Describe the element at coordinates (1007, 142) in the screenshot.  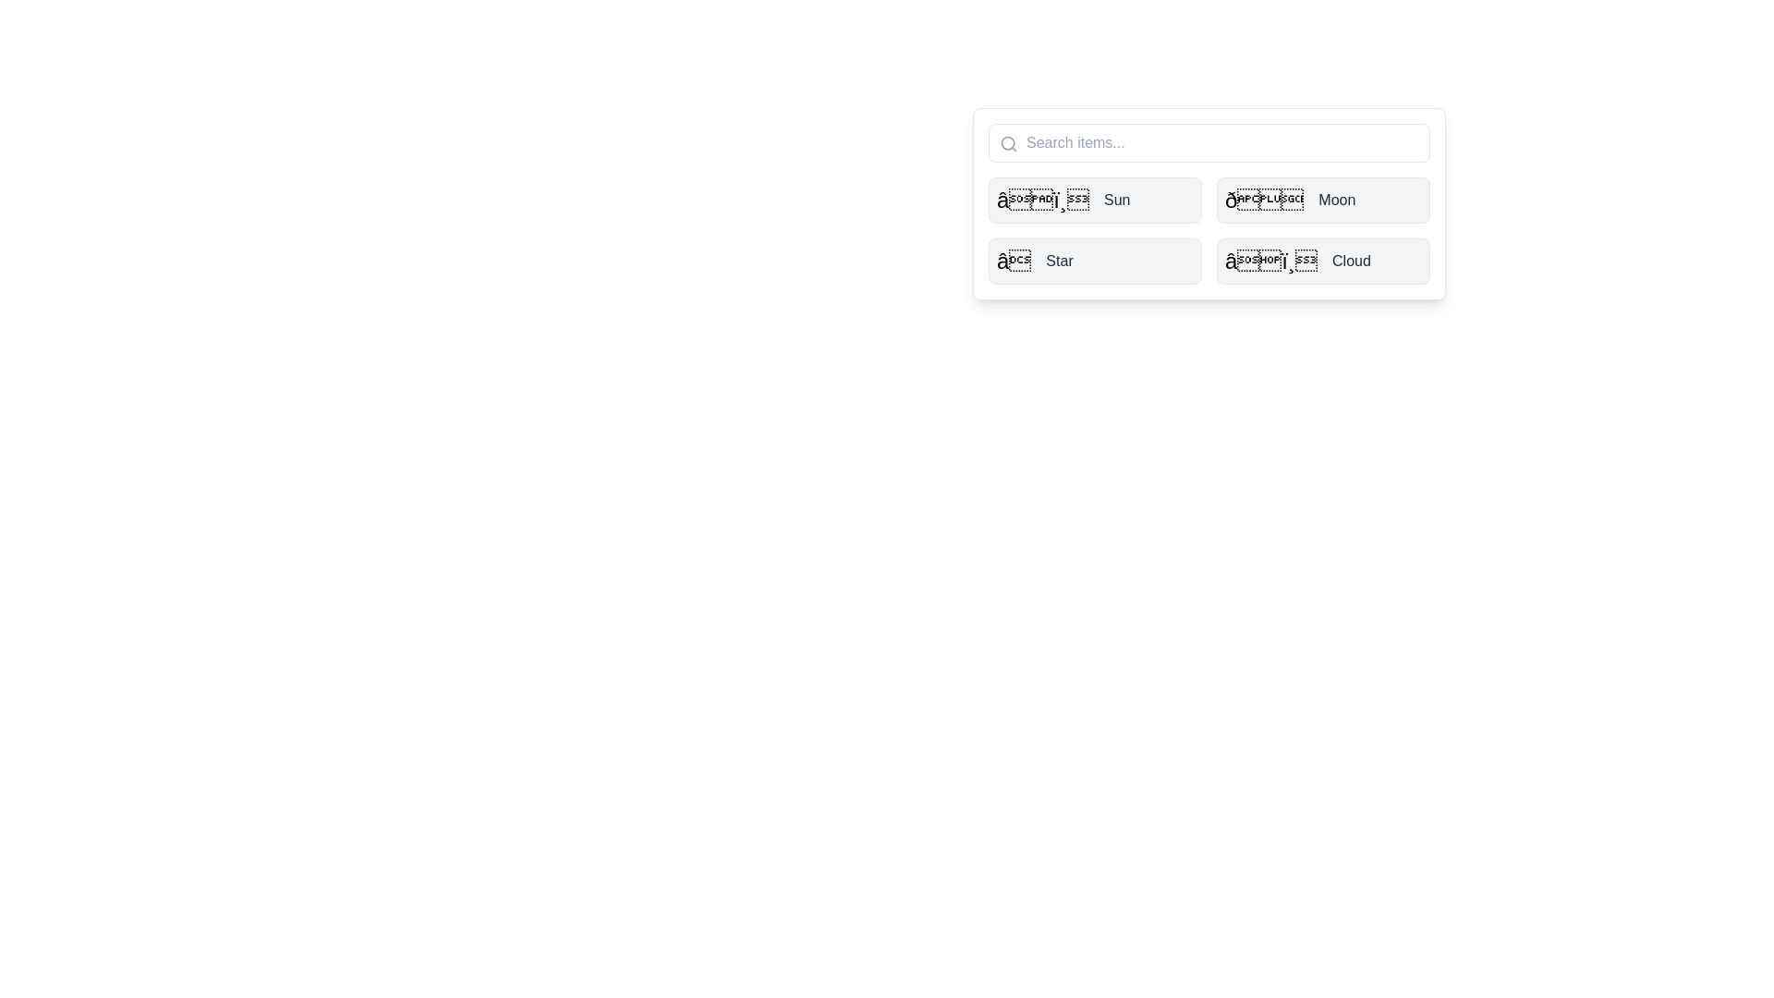
I see `the circle element of the magnifying glass icon within the SVG to activate the search functionality` at that location.